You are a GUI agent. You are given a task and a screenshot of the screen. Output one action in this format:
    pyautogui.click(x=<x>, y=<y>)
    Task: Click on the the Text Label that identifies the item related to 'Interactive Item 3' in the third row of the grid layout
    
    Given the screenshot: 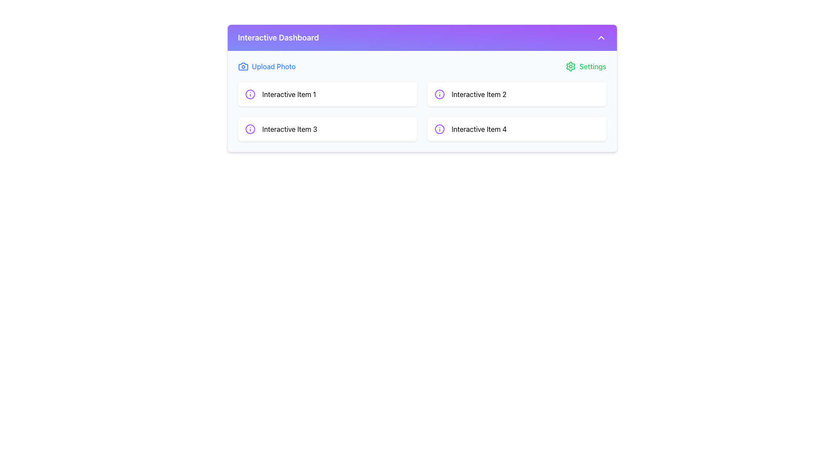 What is the action you would take?
    pyautogui.click(x=290, y=129)
    